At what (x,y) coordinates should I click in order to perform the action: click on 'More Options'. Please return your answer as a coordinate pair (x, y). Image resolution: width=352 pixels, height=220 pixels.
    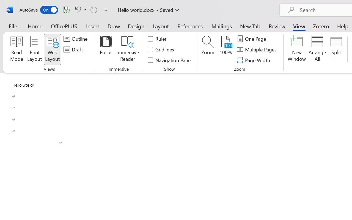
    Looking at the image, I should click on (85, 9).